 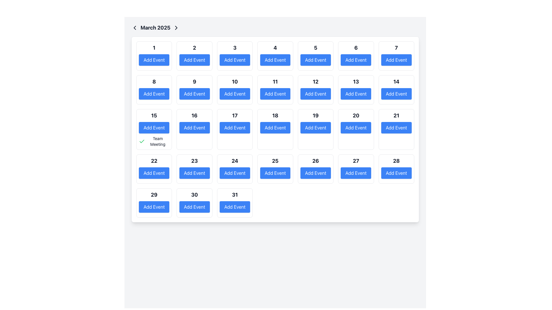 I want to click on the bold number '1' text label at the top of the calendar cell for accessibility interactions, so click(x=154, y=47).